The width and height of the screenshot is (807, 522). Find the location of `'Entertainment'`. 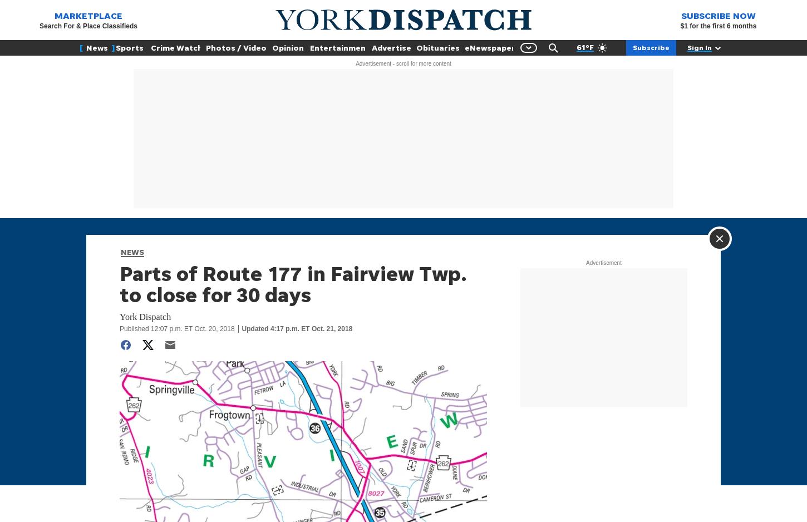

'Entertainment' is located at coordinates (309, 47).